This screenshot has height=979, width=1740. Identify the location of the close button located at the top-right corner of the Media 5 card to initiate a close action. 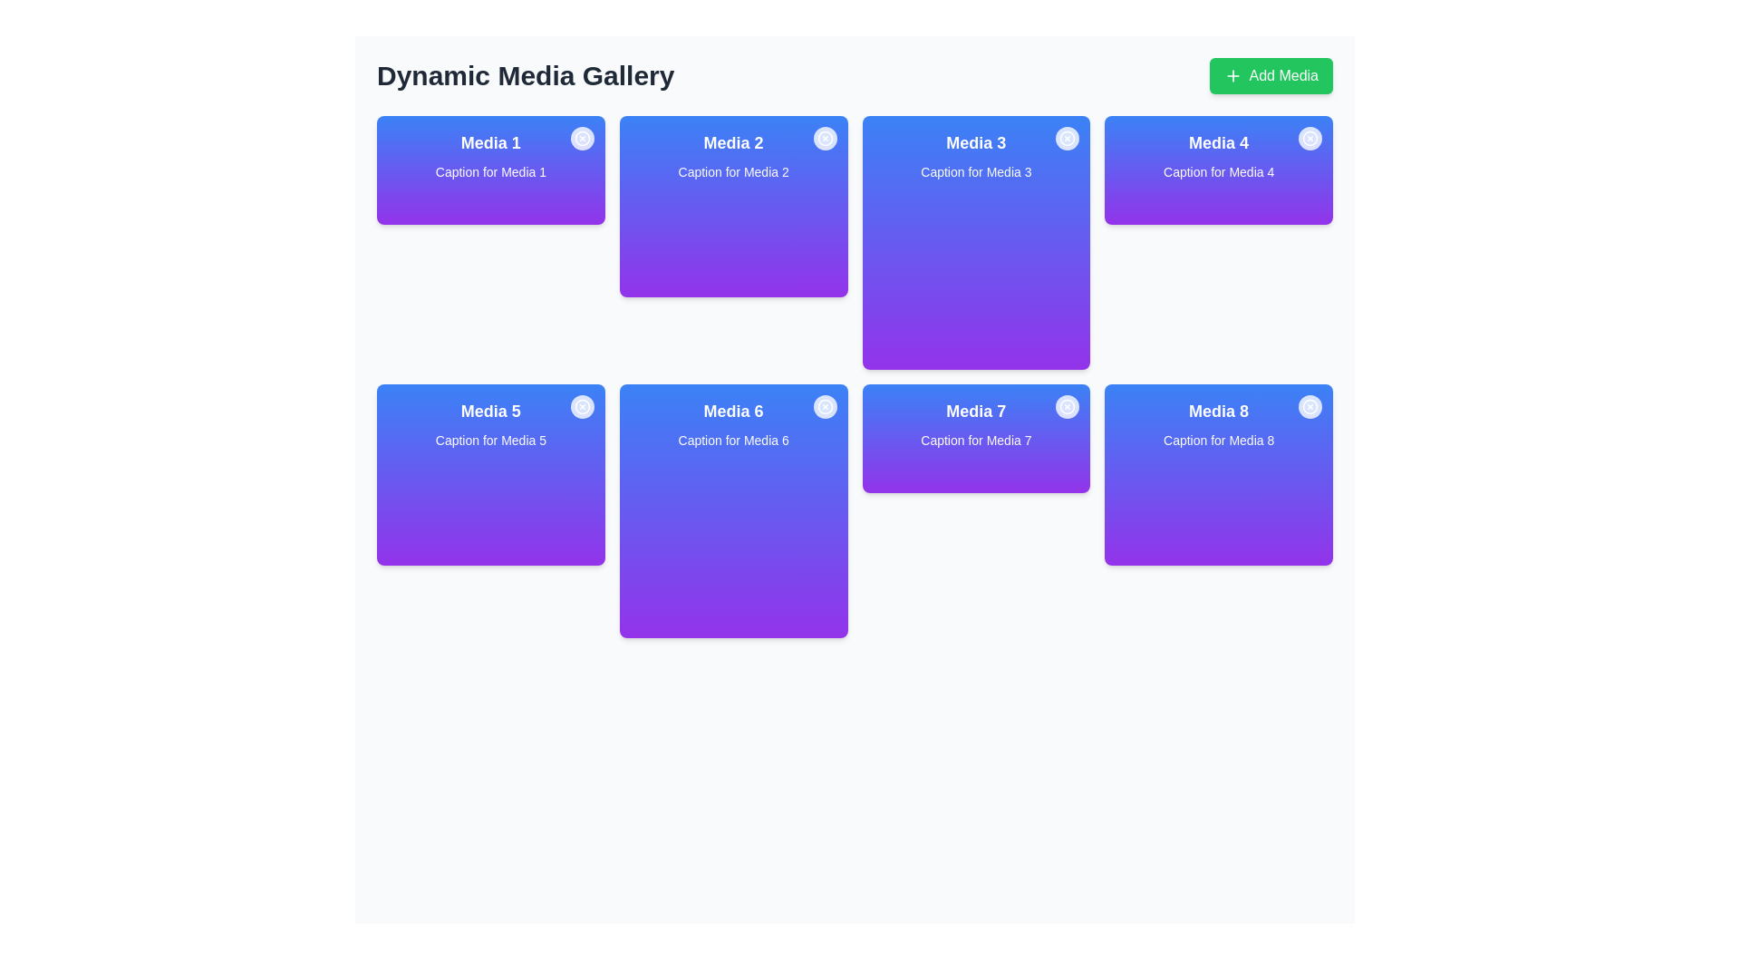
(582, 405).